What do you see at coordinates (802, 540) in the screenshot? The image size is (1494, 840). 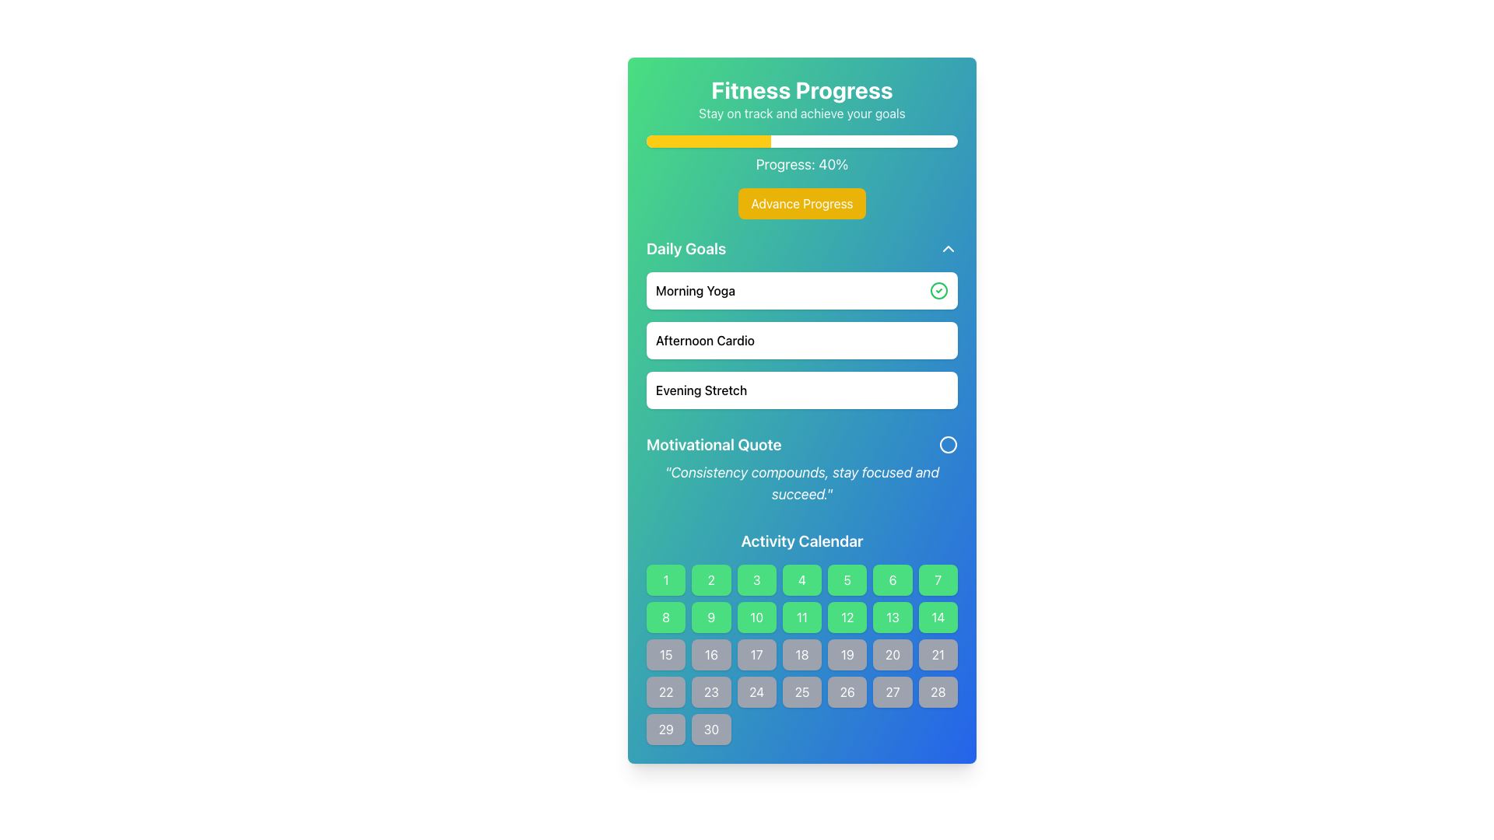 I see `the text label 'Activity Calendar' which is a bold, large font heading centered above the calendar section` at bounding box center [802, 540].